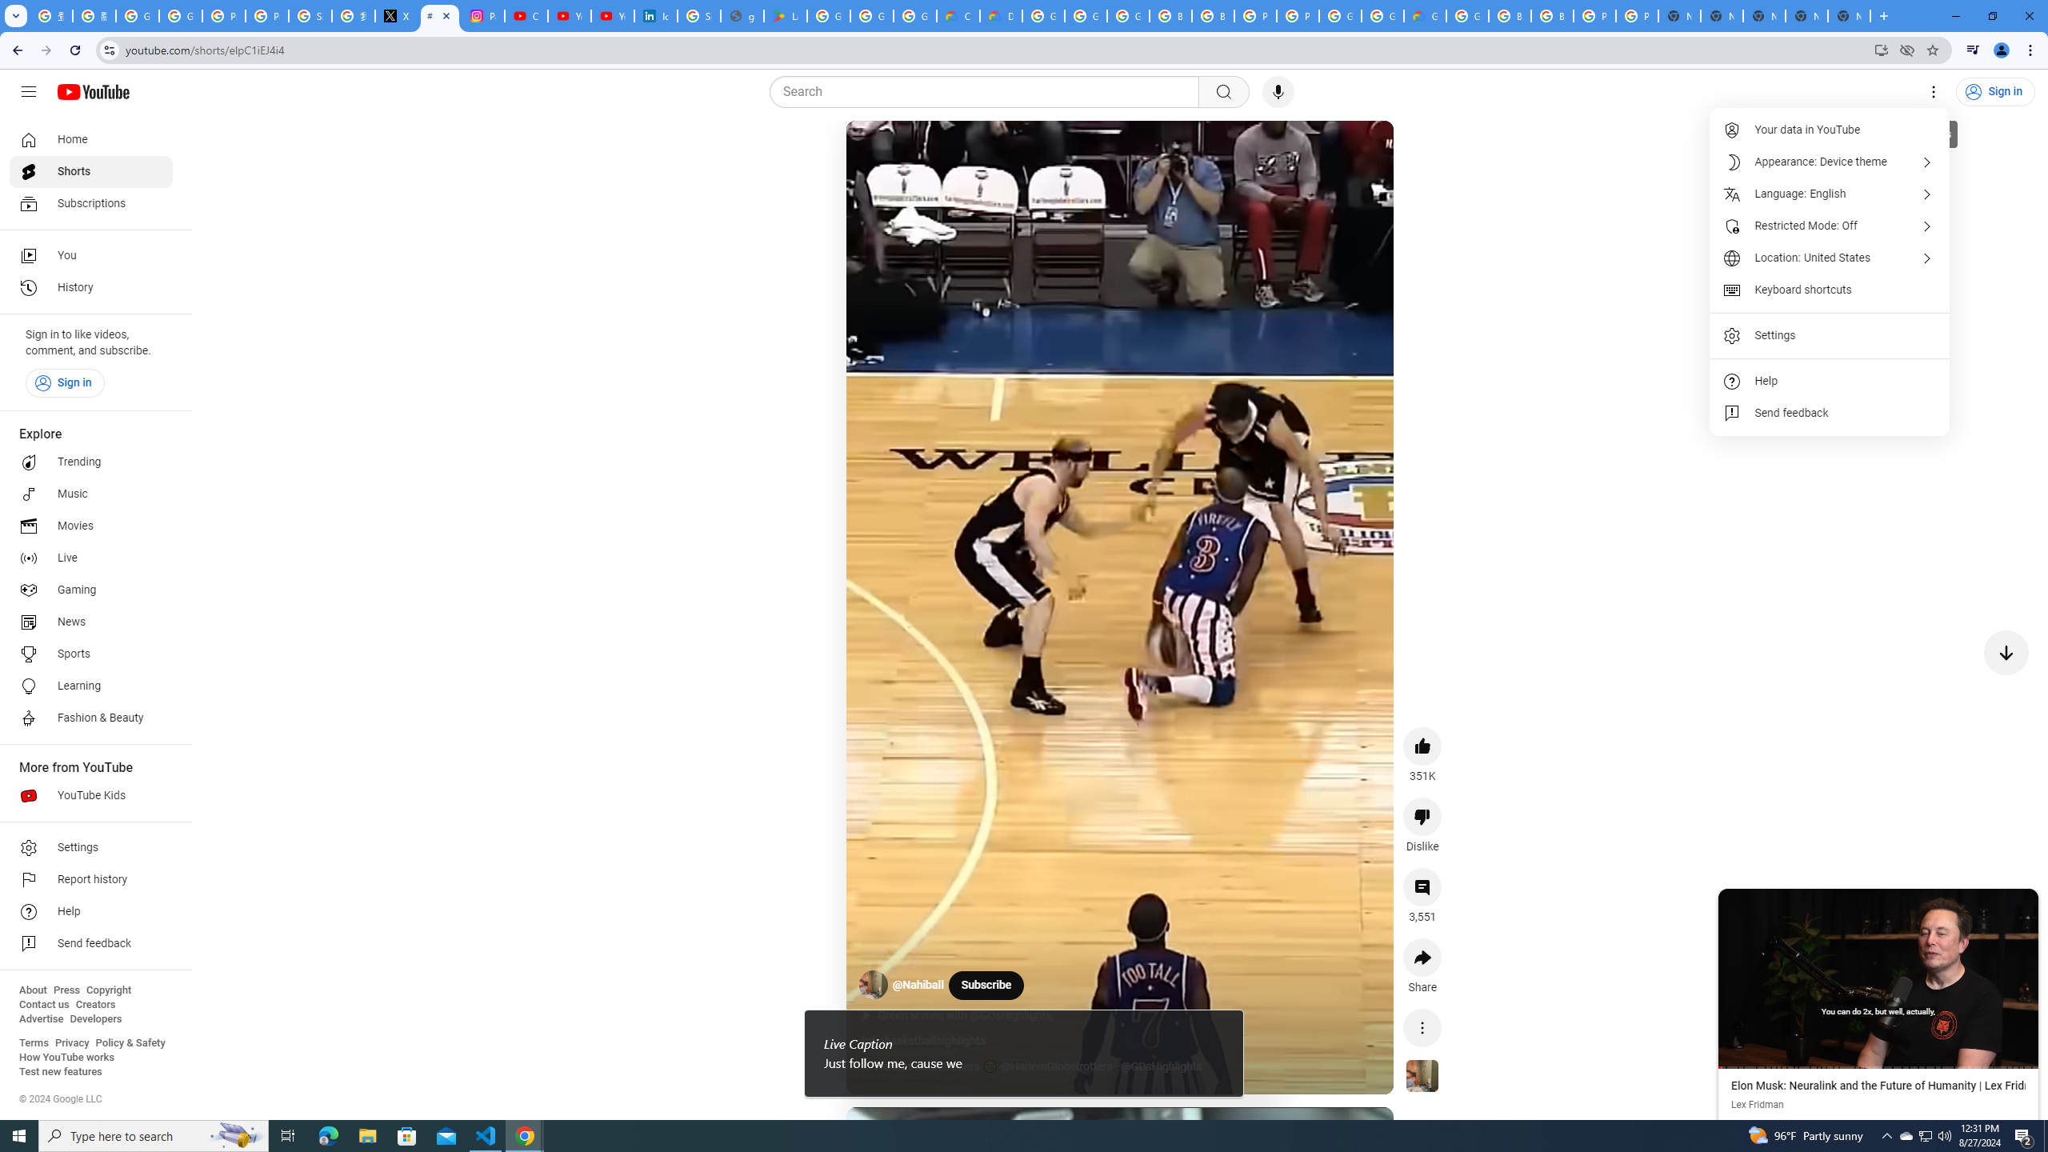 Image resolution: width=2048 pixels, height=1152 pixels. I want to click on 'News', so click(90, 622).